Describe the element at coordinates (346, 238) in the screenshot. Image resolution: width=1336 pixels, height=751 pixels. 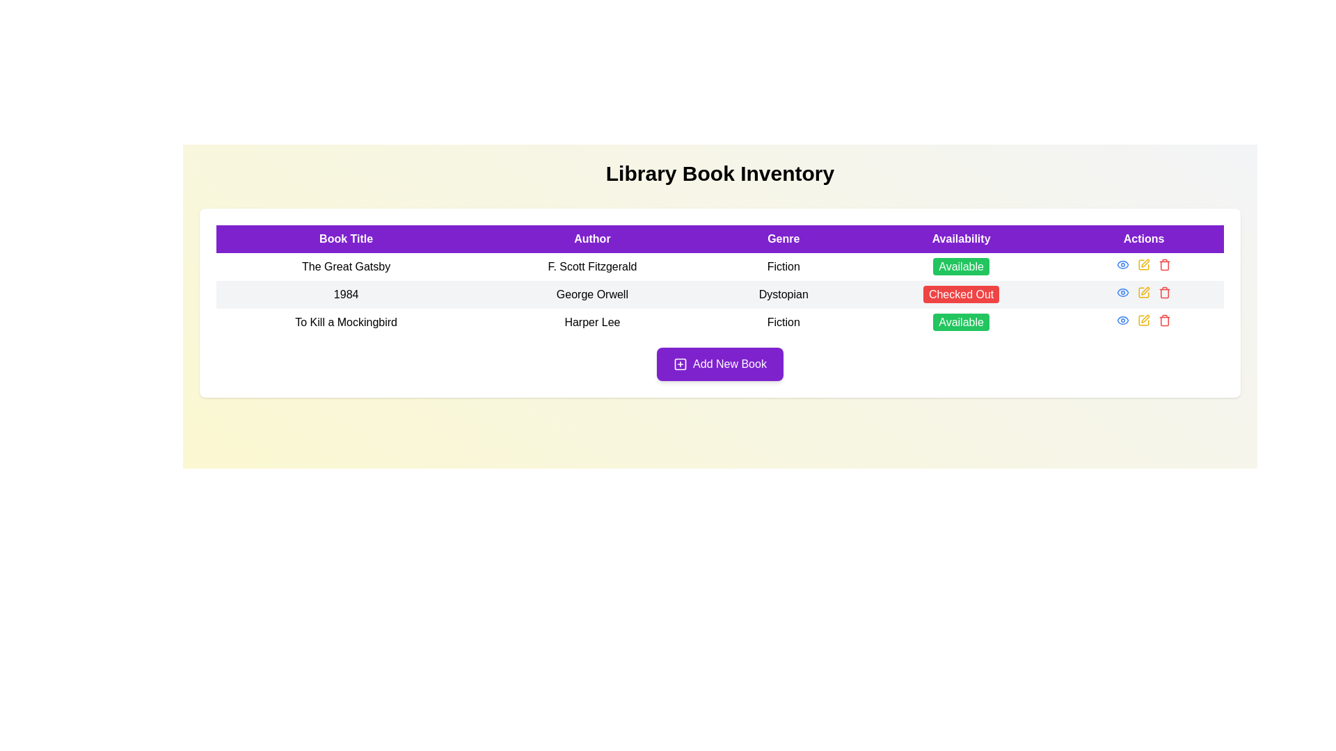
I see `the 'Book Title' label element, which is a rectangular text field displaying the words 'Book Title' in white on a purple background, located at the leftmost position of a horizontal row of headers` at that location.